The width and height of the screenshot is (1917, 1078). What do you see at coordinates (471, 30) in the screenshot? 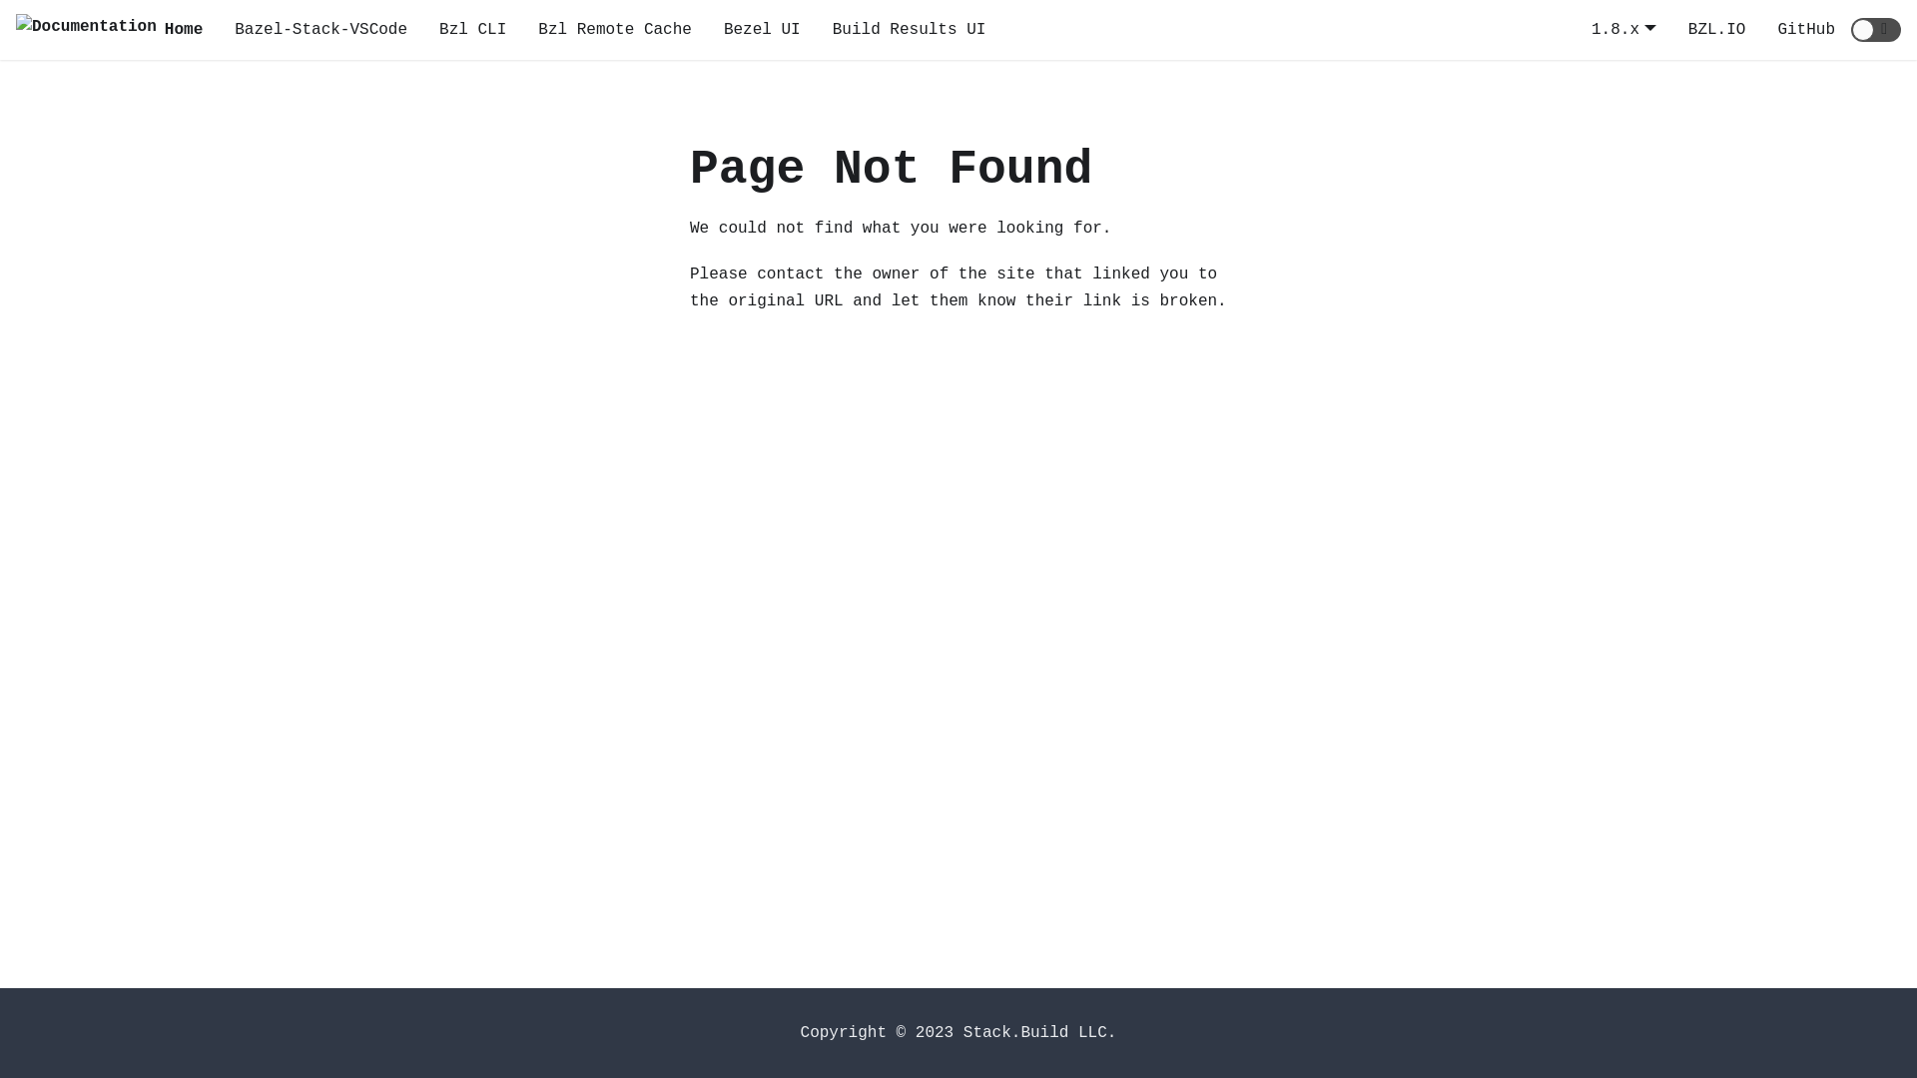
I see `'Bzl CLI'` at bounding box center [471, 30].